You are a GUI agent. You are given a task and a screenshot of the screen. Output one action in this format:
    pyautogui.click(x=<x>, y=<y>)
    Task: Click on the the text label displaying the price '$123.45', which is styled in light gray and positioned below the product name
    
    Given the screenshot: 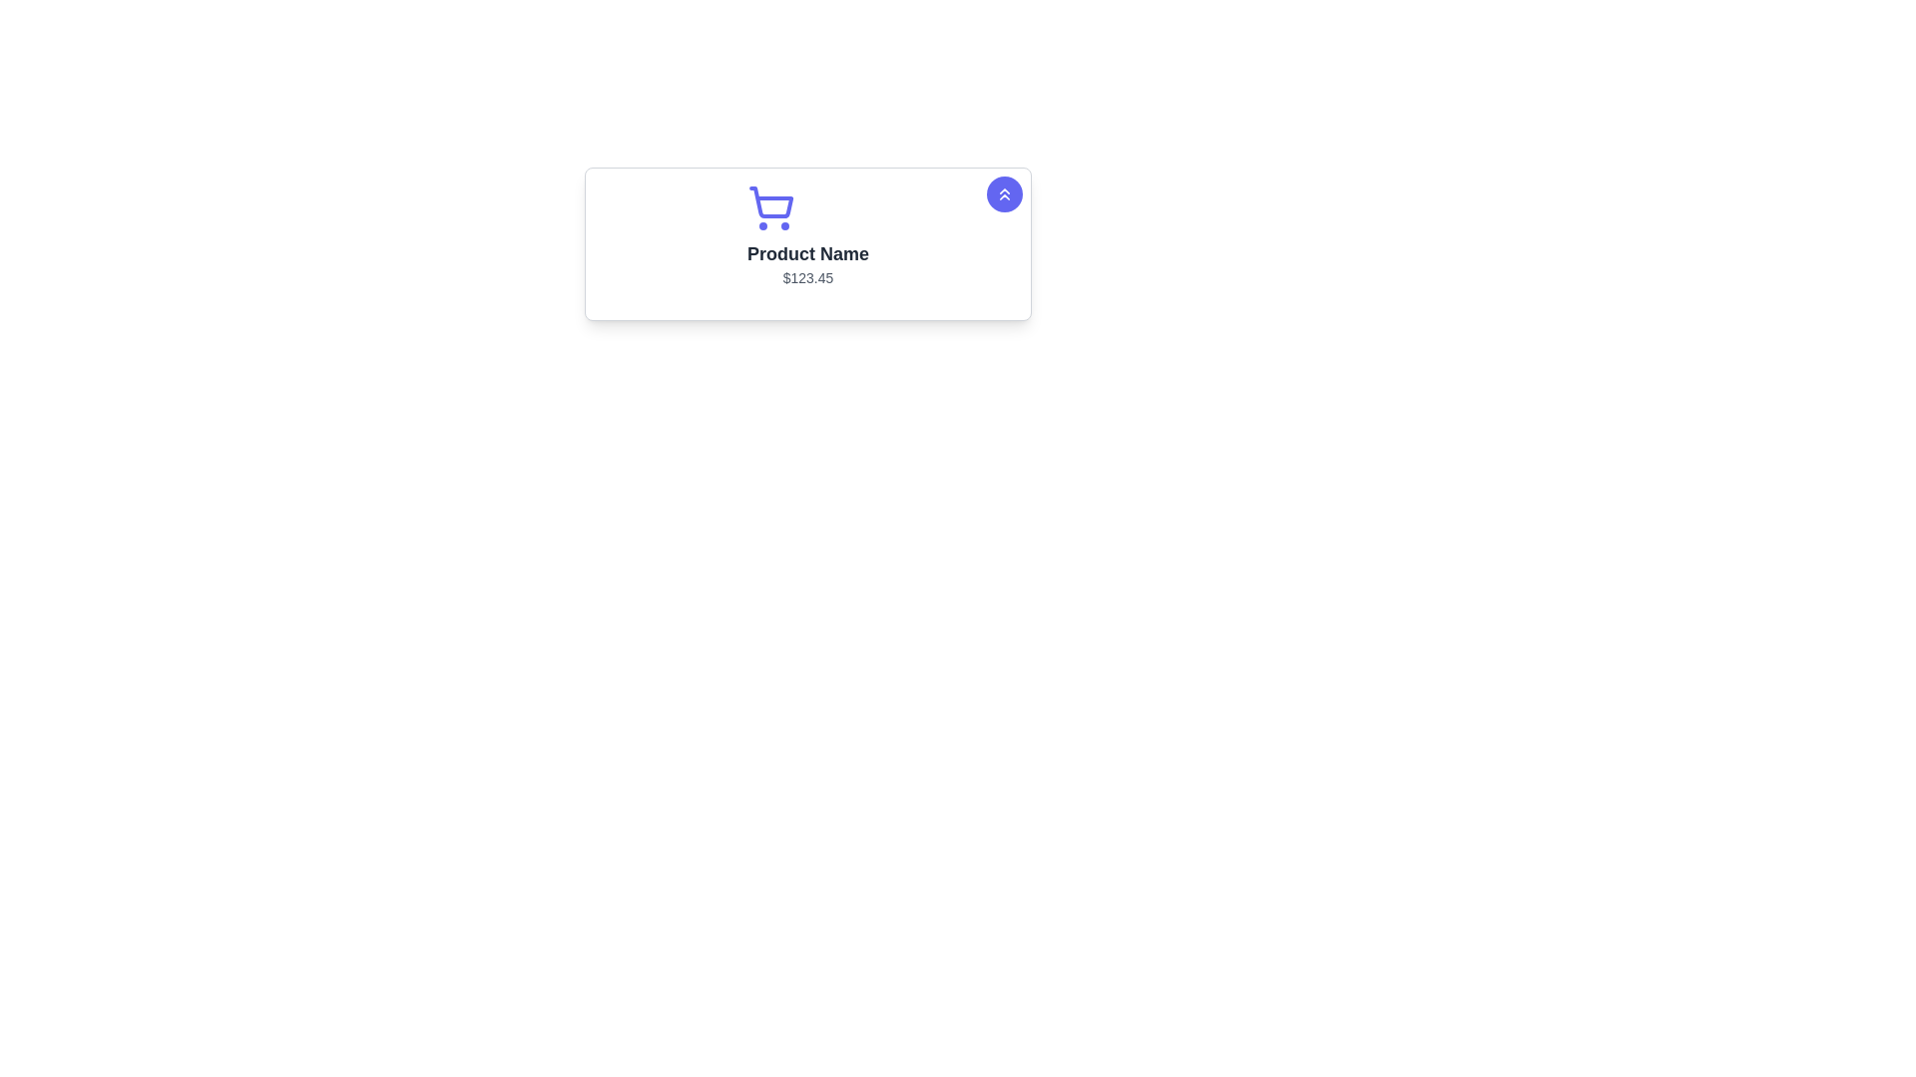 What is the action you would take?
    pyautogui.click(x=808, y=277)
    